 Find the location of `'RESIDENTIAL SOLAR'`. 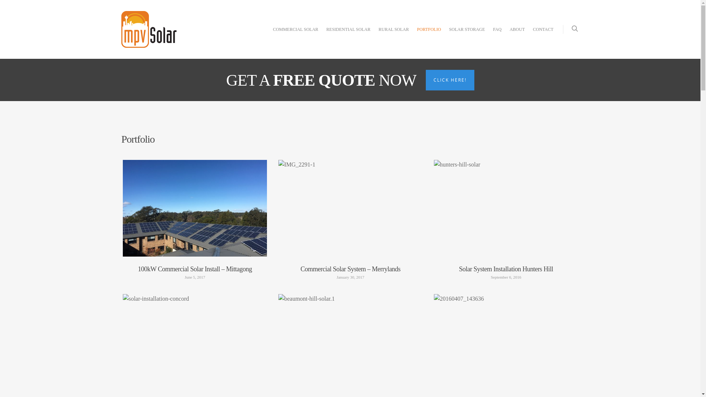

'RESIDENTIAL SOLAR' is located at coordinates (348, 35).